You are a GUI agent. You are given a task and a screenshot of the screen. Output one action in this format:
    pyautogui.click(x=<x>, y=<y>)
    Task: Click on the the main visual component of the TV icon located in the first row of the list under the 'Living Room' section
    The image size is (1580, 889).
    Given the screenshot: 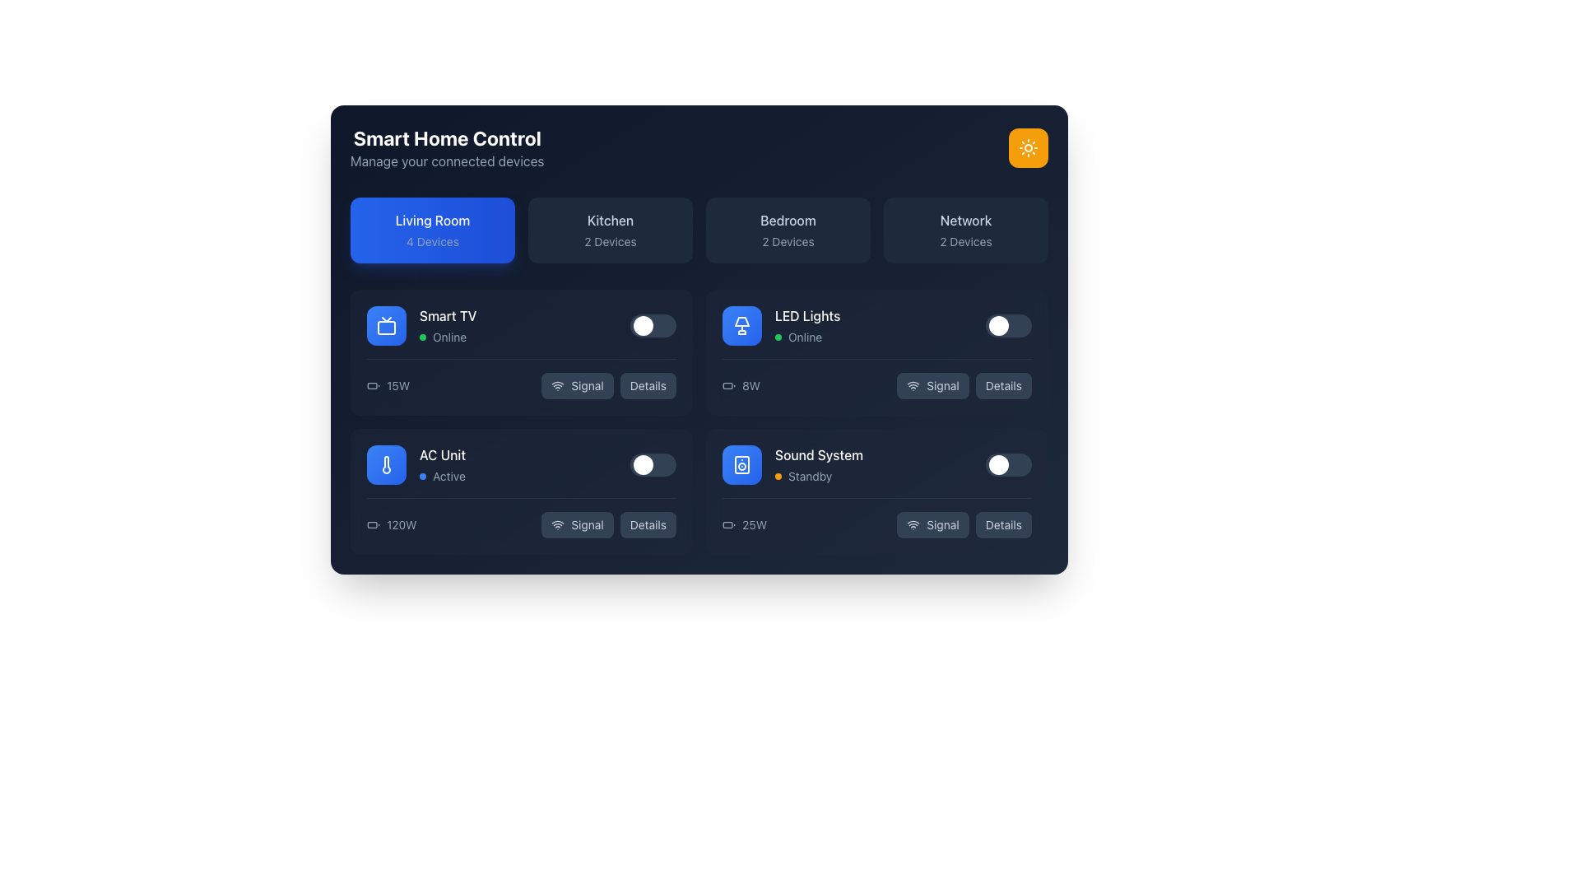 What is the action you would take?
    pyautogui.click(x=386, y=327)
    